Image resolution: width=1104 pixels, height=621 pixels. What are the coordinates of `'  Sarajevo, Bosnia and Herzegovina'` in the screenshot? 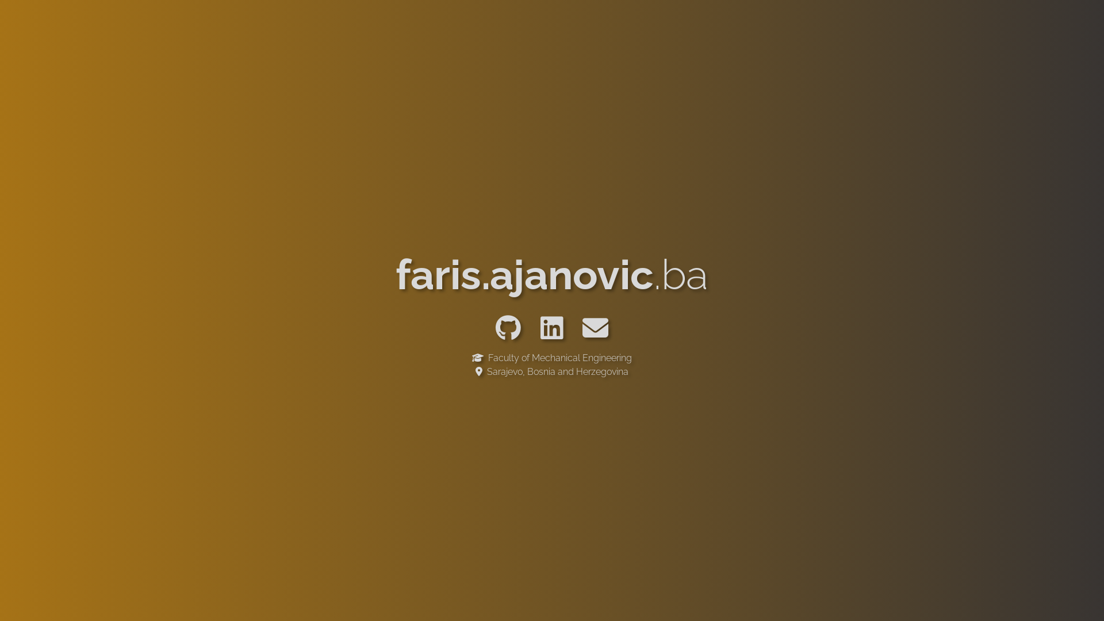 It's located at (552, 371).